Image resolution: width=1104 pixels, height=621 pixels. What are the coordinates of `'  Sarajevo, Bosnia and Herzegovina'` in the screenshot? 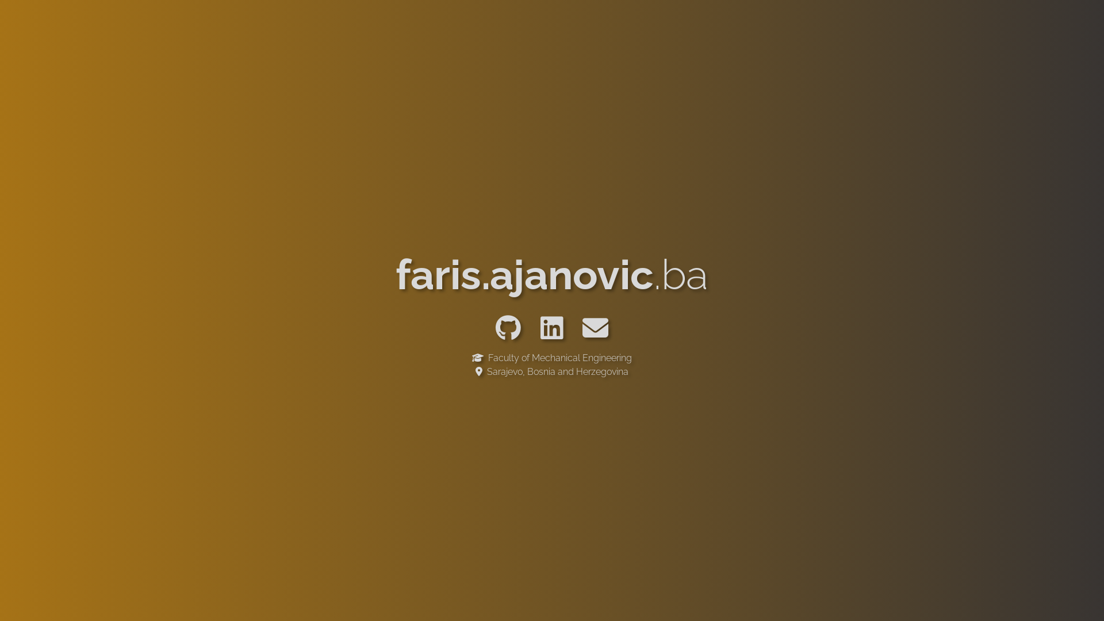 It's located at (552, 371).